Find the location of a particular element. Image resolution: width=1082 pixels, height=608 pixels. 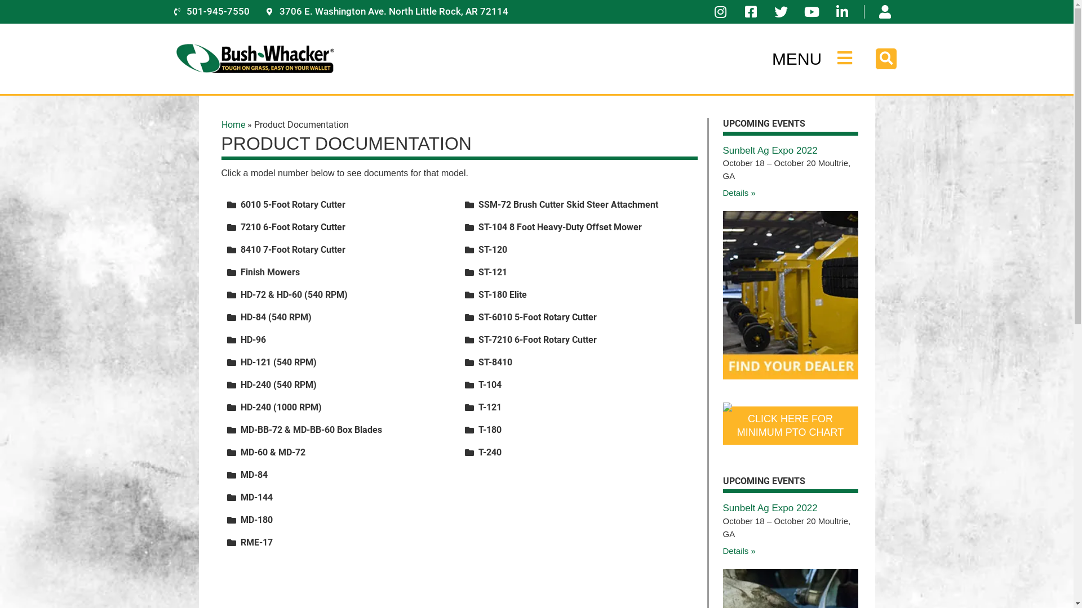

'Home' is located at coordinates (232, 124).